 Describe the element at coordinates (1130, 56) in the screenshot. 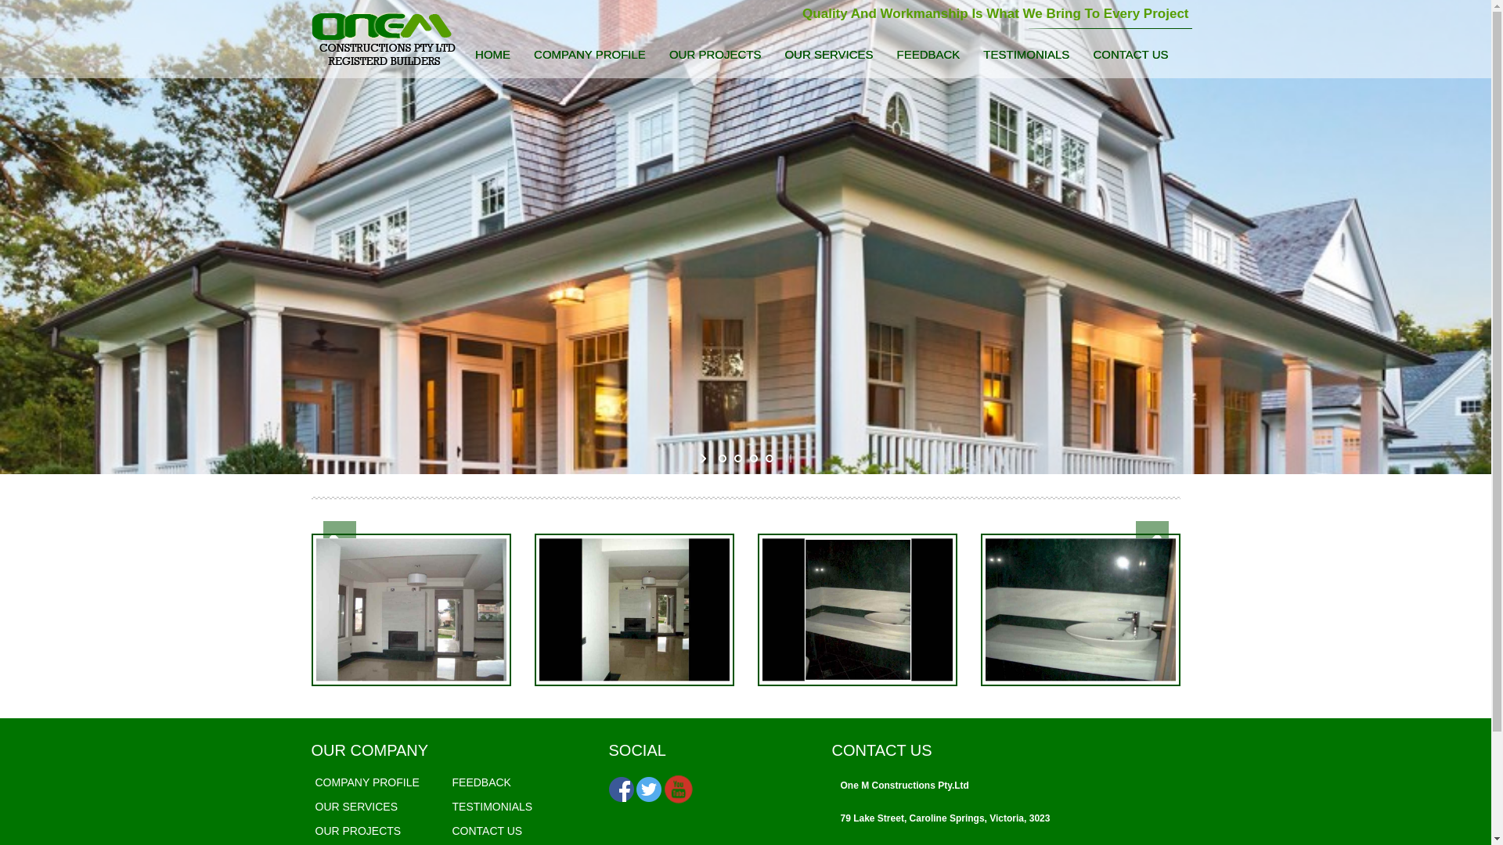

I see `'CONTACT US'` at that location.